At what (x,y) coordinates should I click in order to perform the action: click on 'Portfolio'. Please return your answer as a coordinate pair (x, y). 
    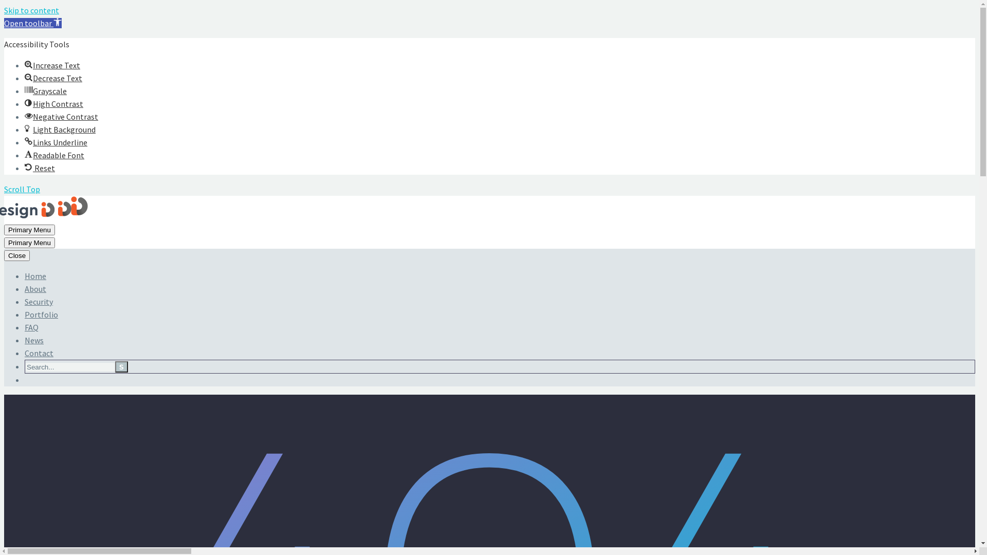
    Looking at the image, I should click on (41, 314).